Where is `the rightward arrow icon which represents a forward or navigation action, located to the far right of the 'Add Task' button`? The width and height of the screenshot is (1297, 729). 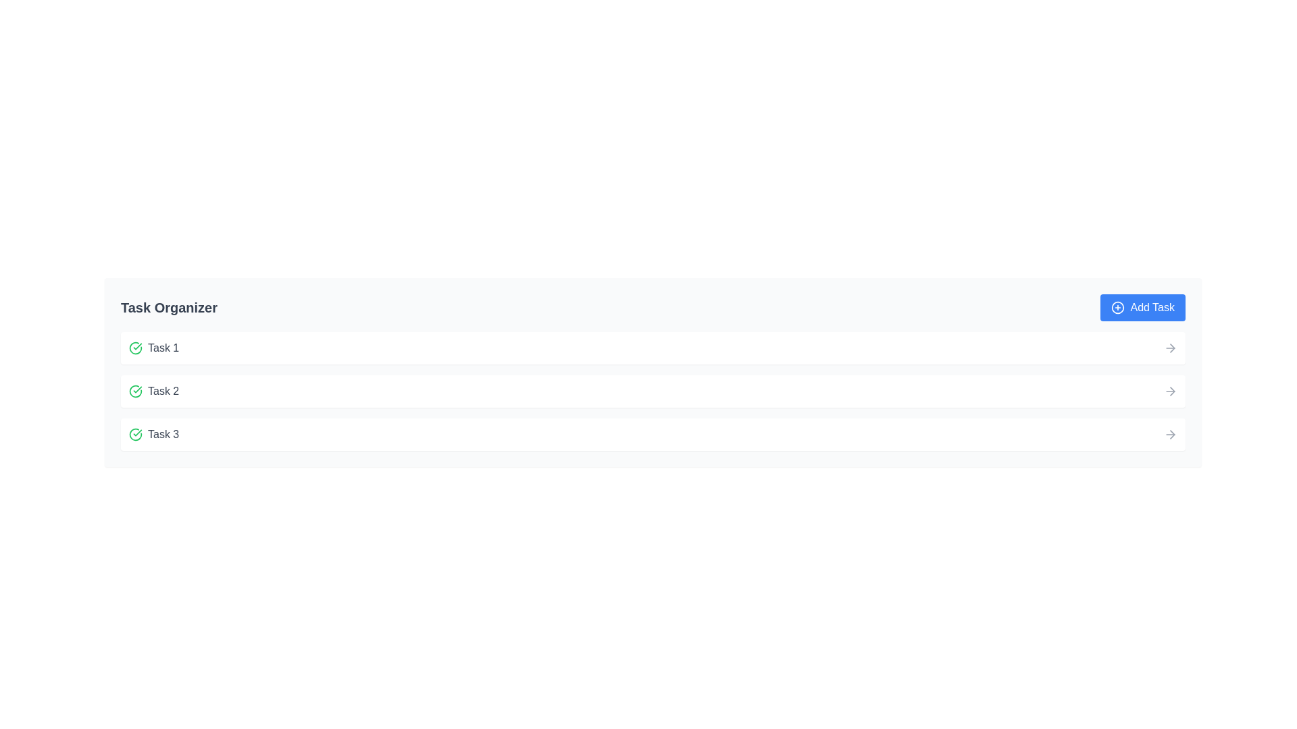 the rightward arrow icon which represents a forward or navigation action, located to the far right of the 'Add Task' button is located at coordinates (1171, 348).